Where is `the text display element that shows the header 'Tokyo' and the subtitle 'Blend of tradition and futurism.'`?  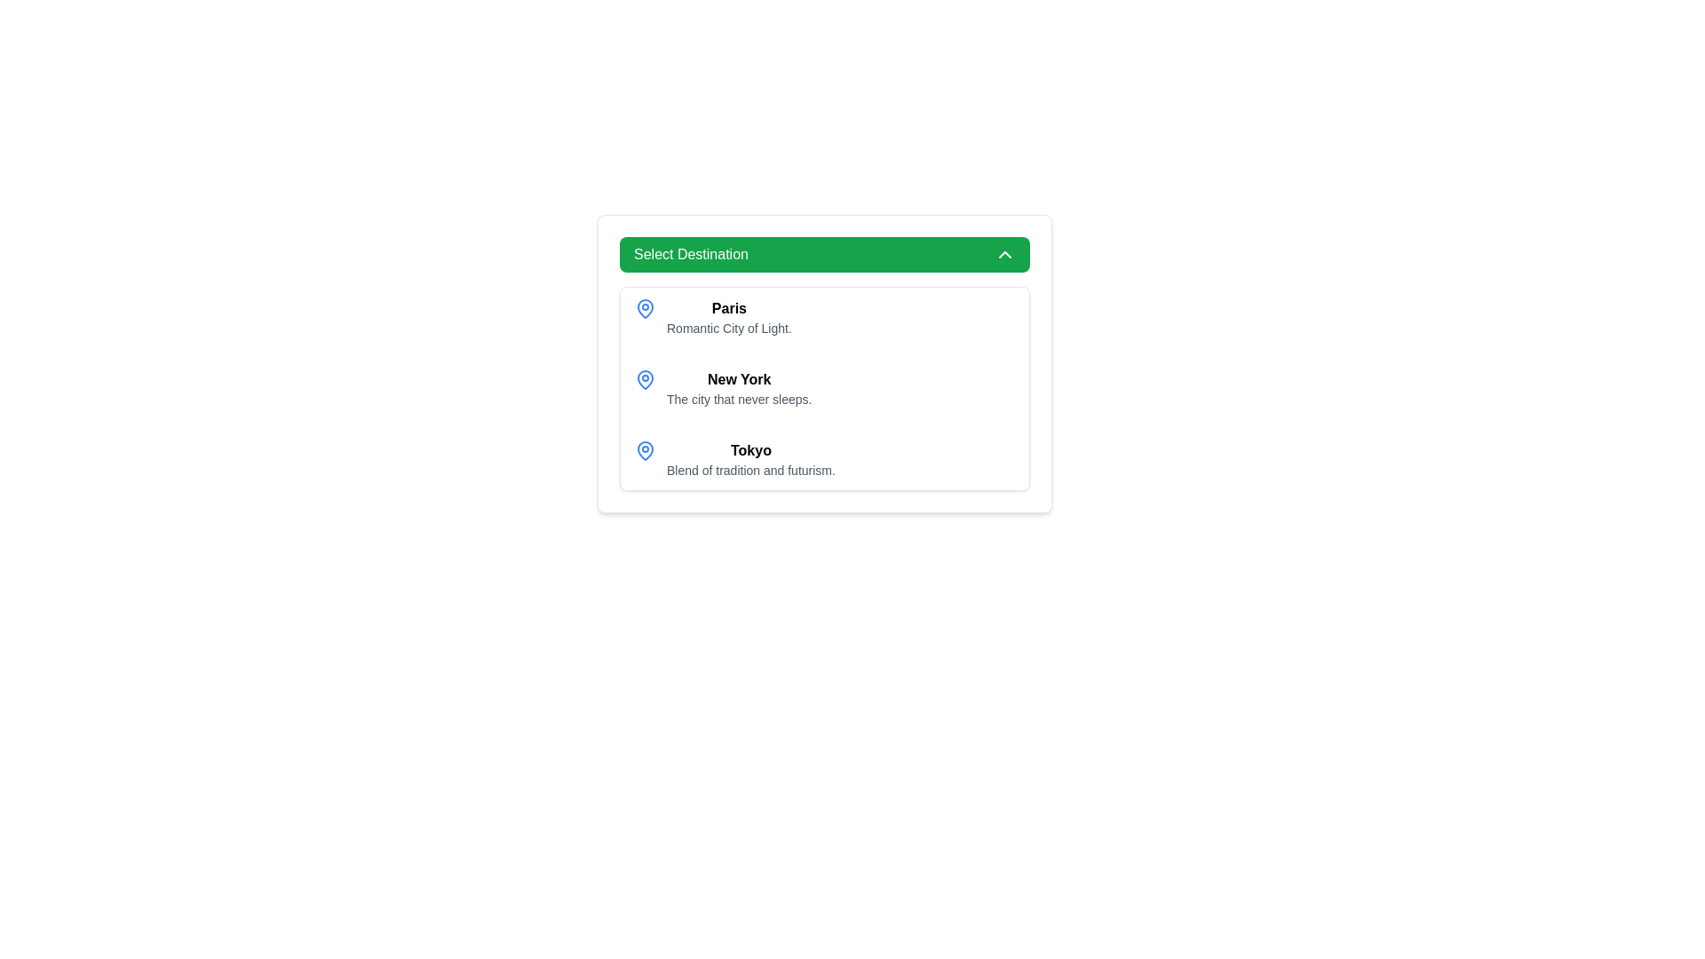 the text display element that shows the header 'Tokyo' and the subtitle 'Blend of tradition and futurism.' is located at coordinates (750, 458).